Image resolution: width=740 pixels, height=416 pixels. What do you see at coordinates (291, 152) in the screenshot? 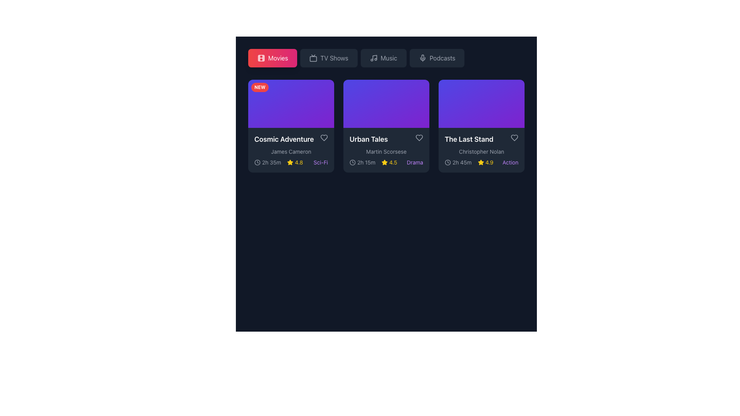
I see `the text element displaying 'James Cameron', which is located in the card for the movie 'Cosmic Adventure', positioned below the movie title` at bounding box center [291, 152].